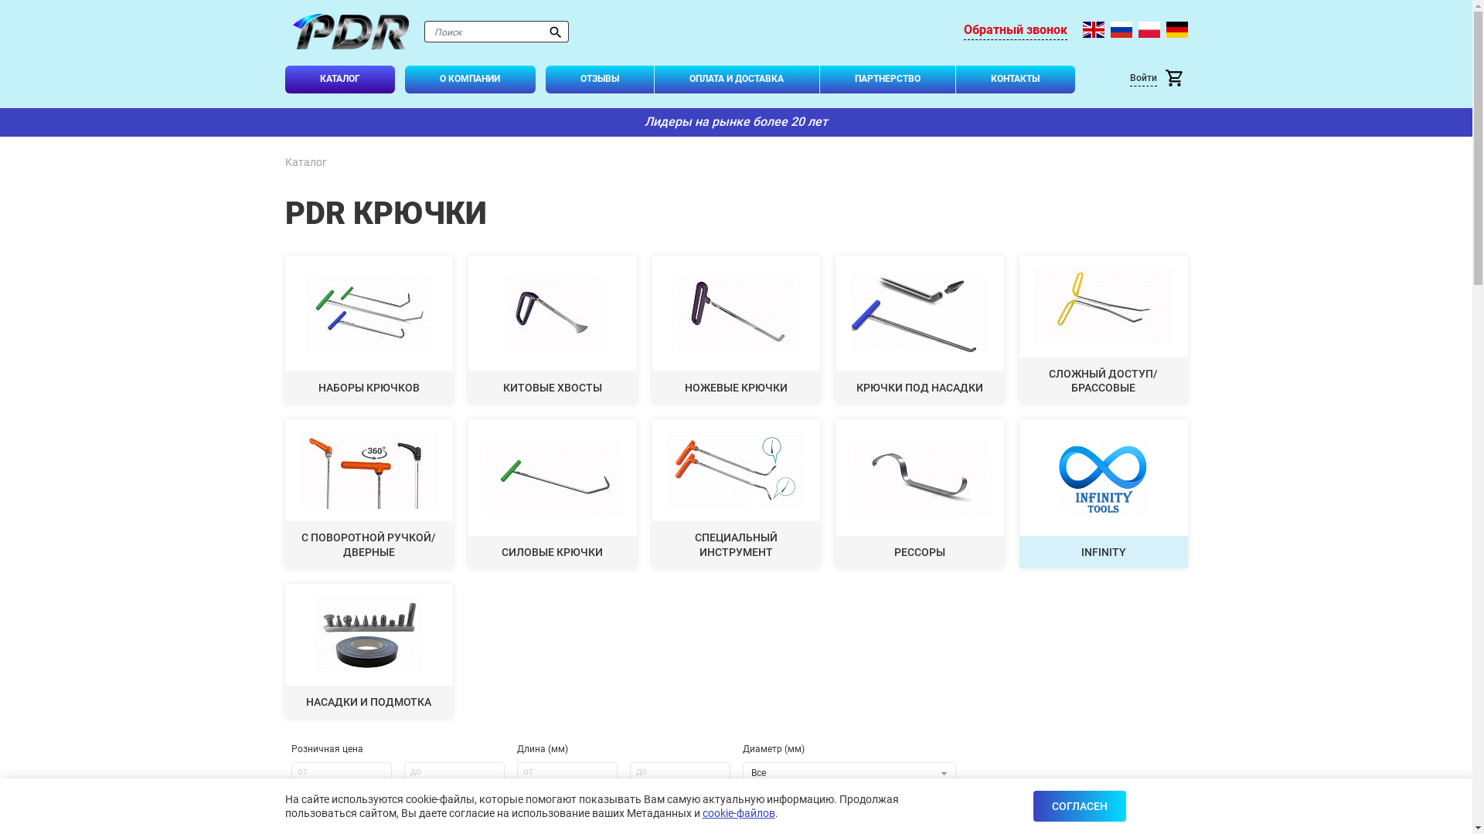 This screenshot has width=1484, height=834. Describe the element at coordinates (1103, 493) in the screenshot. I see `'INFINITY'` at that location.